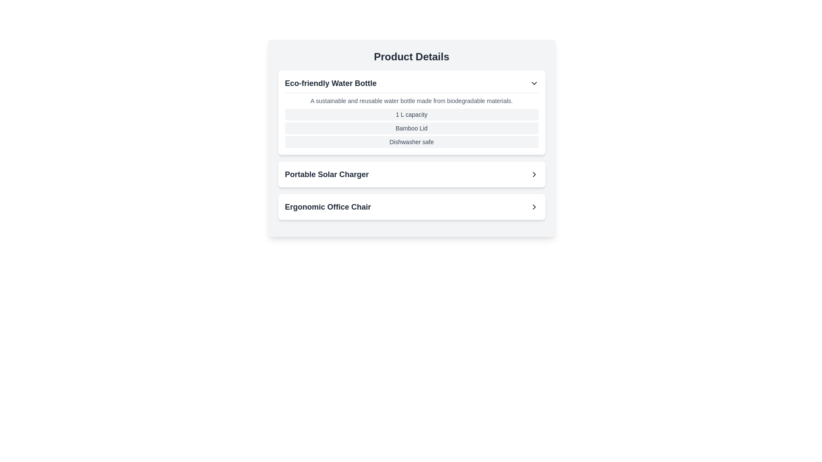  I want to click on the clickable item representing the 'Eco-friendly Water Bottle' title, so click(411, 83).